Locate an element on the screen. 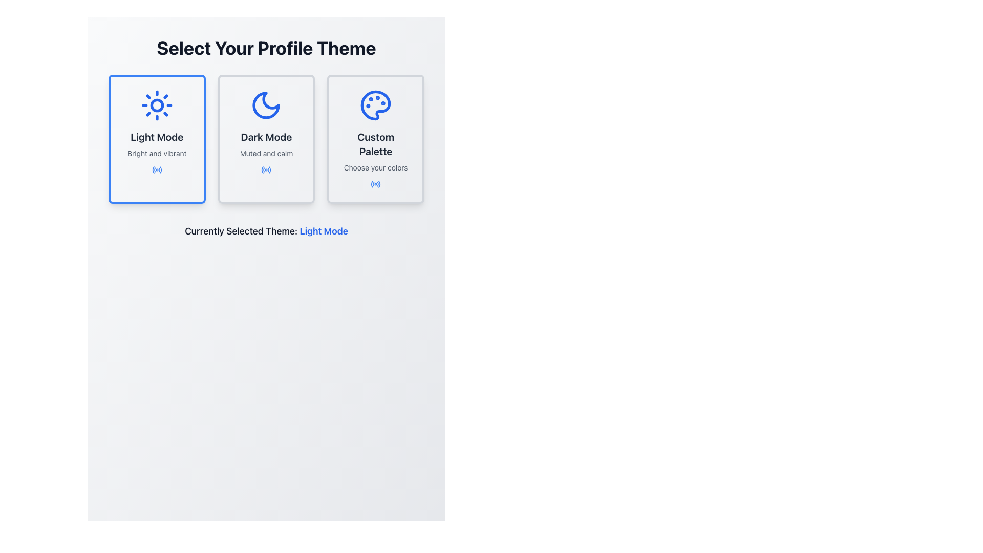  text displayed in bold, blue font stating 'Light Mode', which is part of the sentence 'Currently Selected Theme: Light Mode' located below the theme selection cards is located at coordinates (323, 231).